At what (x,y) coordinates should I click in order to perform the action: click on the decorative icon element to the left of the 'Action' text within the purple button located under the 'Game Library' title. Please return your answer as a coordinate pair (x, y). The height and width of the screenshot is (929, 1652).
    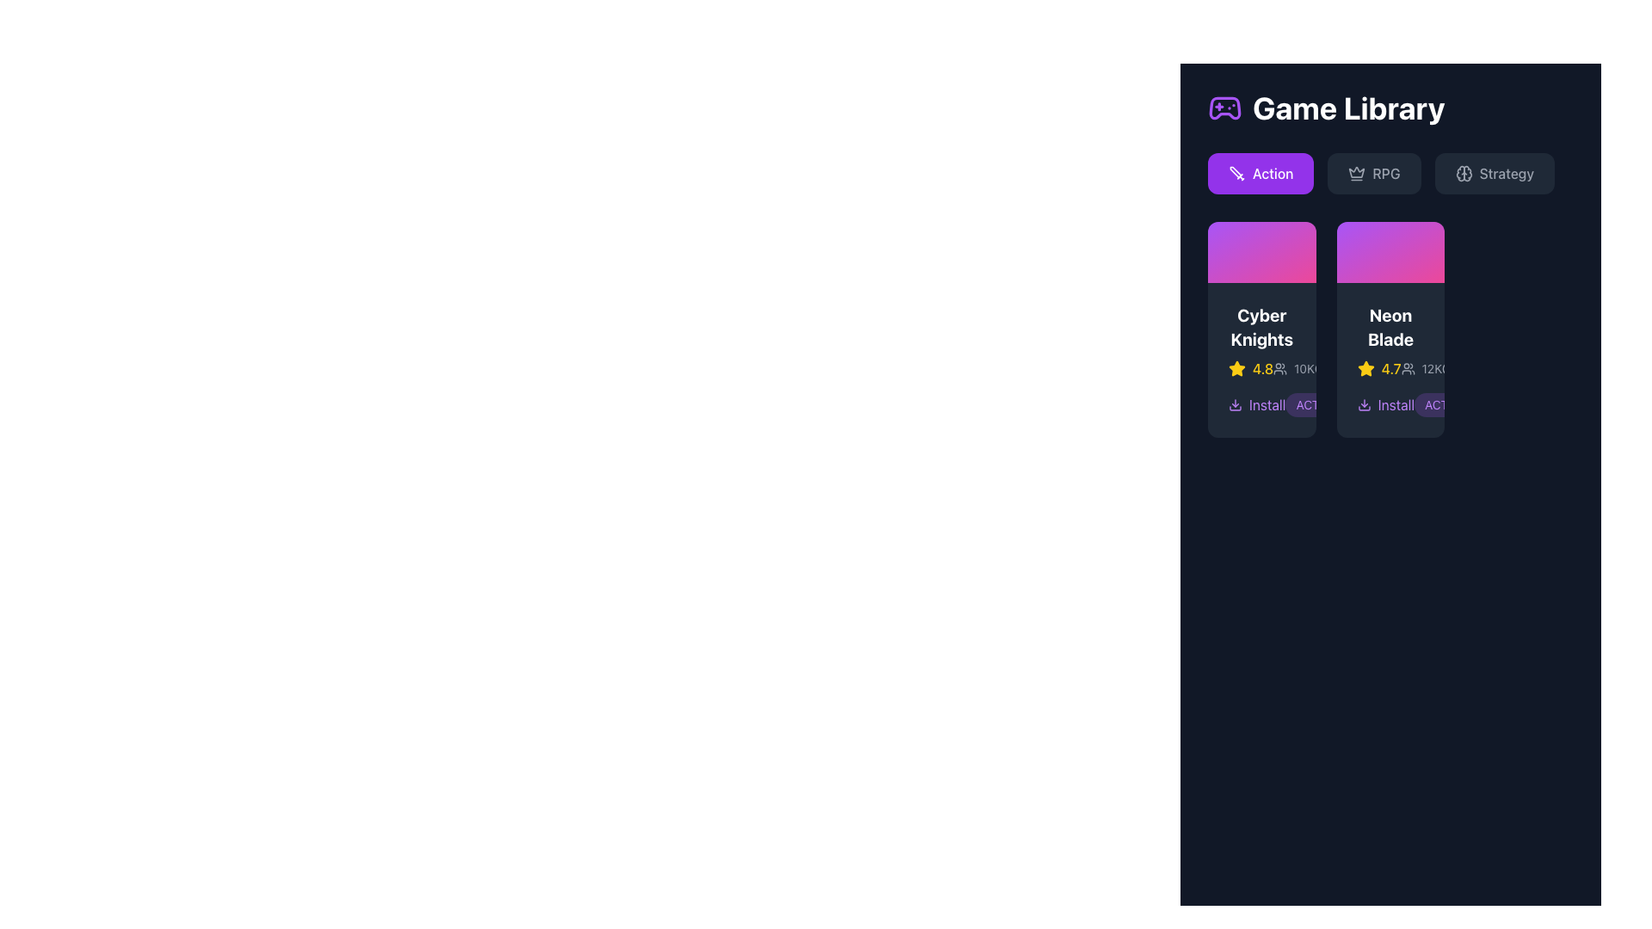
    Looking at the image, I should click on (1236, 173).